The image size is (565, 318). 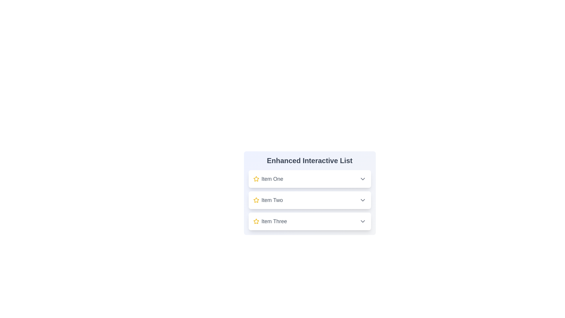 What do you see at coordinates (256, 179) in the screenshot?
I see `star icon next to Item One to perform the action` at bounding box center [256, 179].